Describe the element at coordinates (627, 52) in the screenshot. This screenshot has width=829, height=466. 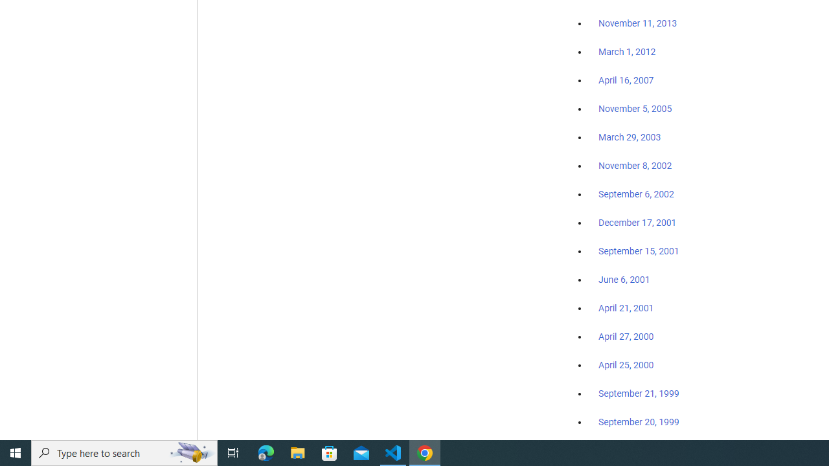
I see `'March 1, 2012'` at that location.